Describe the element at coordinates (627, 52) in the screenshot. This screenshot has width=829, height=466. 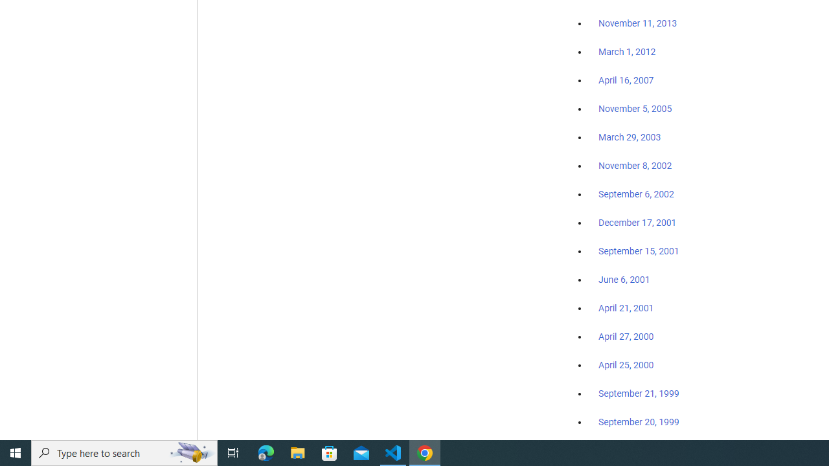
I see `'March 1, 2012'` at that location.